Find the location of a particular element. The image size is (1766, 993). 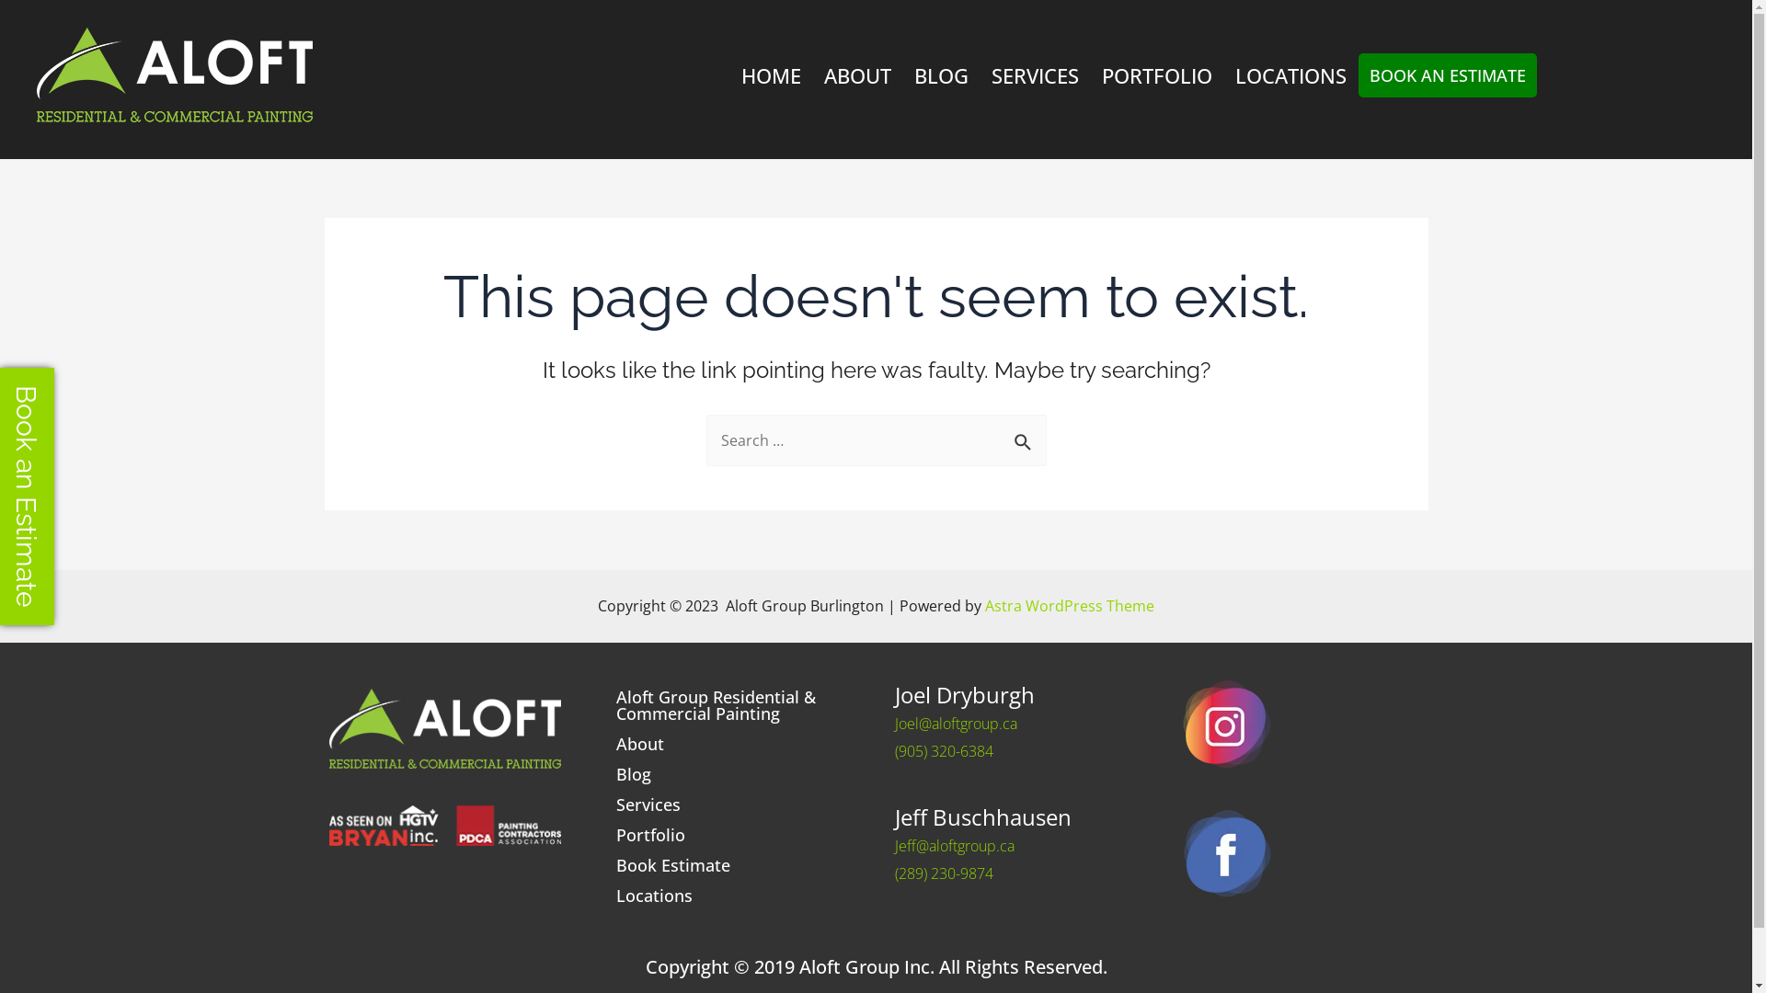

'BOOK AN ESTIMATE' is located at coordinates (1447, 74).